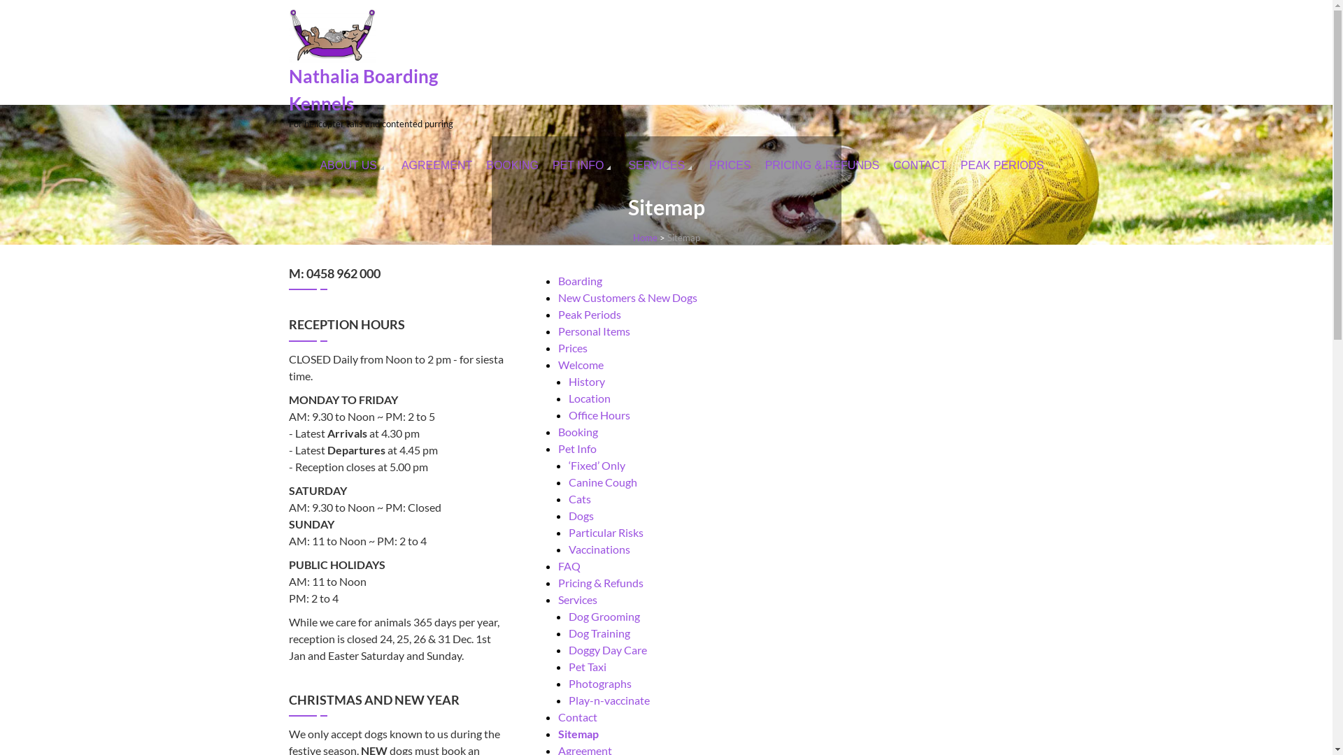 The height and width of the screenshot is (755, 1343). Describe the element at coordinates (578, 733) in the screenshot. I see `'Sitemap'` at that location.